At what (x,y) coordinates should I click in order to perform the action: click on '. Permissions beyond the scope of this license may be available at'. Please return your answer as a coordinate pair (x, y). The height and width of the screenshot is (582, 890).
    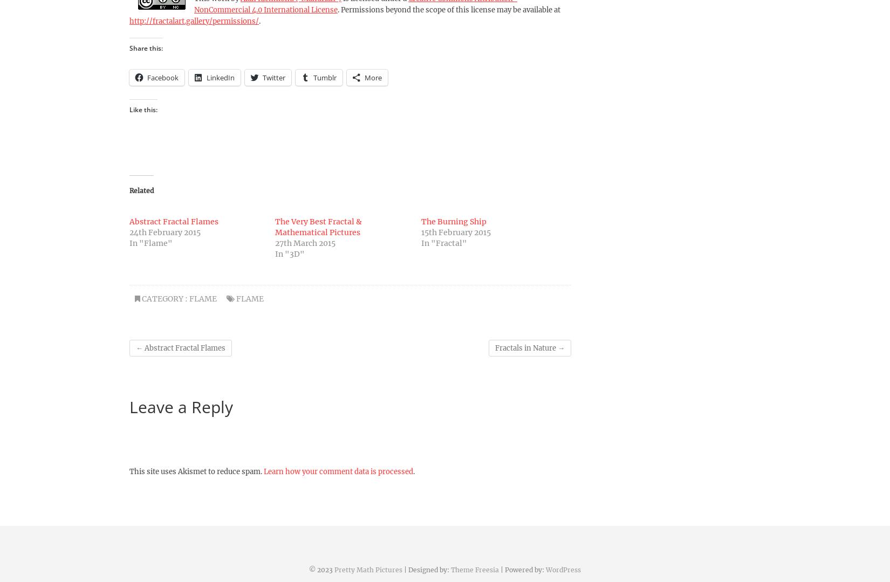
    Looking at the image, I should click on (337, 10).